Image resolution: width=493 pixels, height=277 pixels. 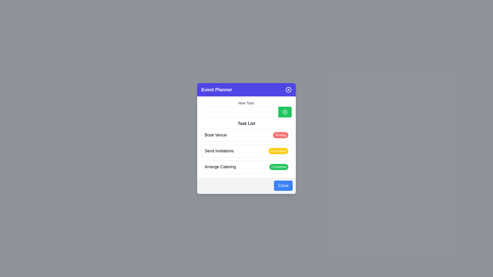 I want to click on the circular graphical icon background element that serves as the decorative component underneath the '+' symbol in the 'Event Planner' interface, located near the top-right of the 'New Task' input field, so click(x=285, y=112).